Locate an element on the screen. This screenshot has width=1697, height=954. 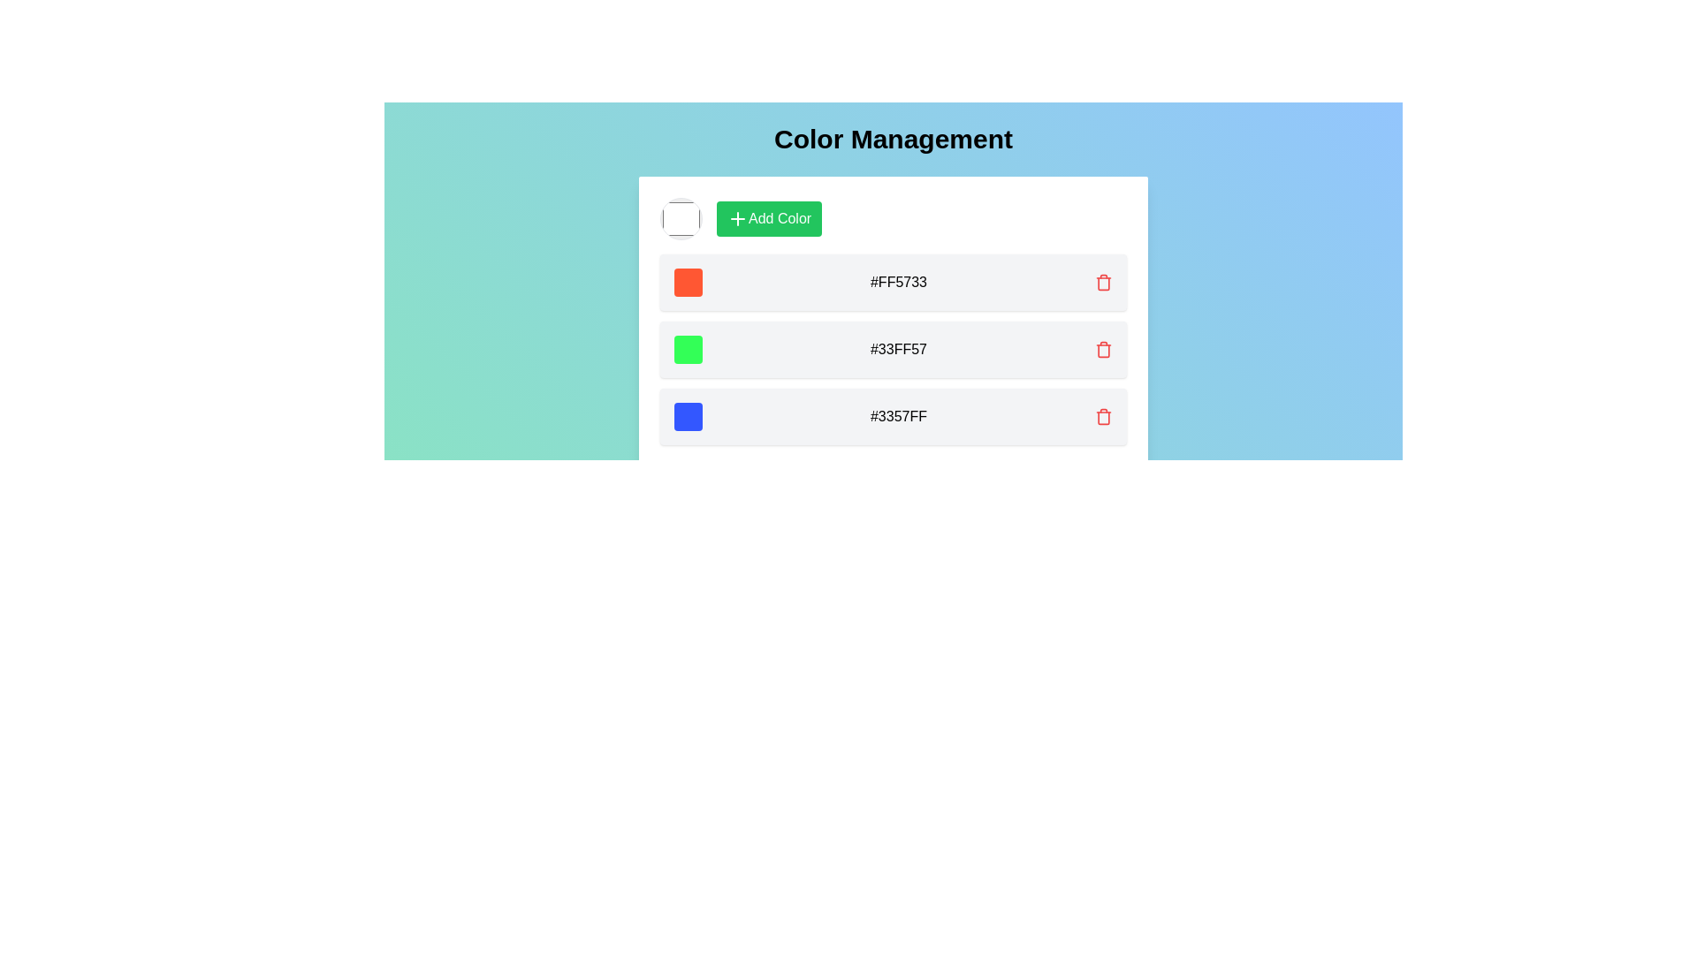
the text label indicating the color value, positioned between a circular orange color preview and a red trash icon is located at coordinates (899, 282).